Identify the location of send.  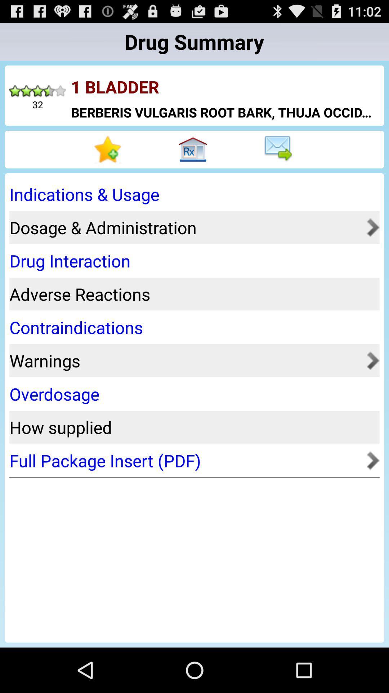
(279, 149).